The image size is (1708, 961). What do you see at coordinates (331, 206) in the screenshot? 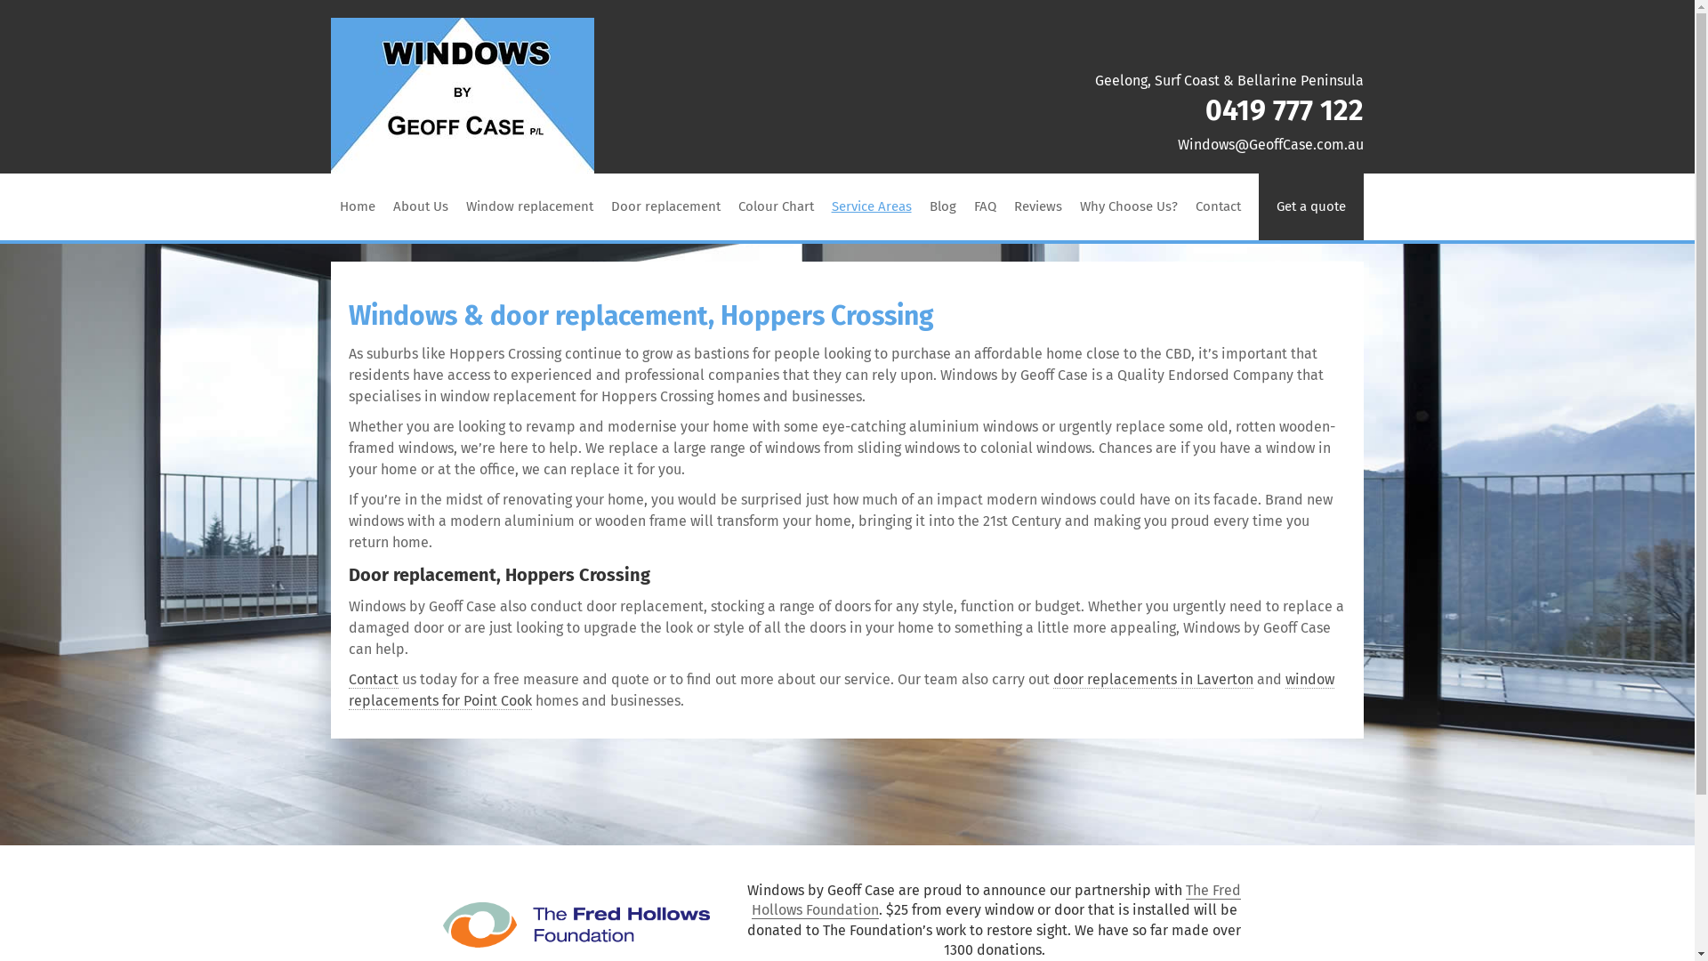
I see `'Home'` at bounding box center [331, 206].